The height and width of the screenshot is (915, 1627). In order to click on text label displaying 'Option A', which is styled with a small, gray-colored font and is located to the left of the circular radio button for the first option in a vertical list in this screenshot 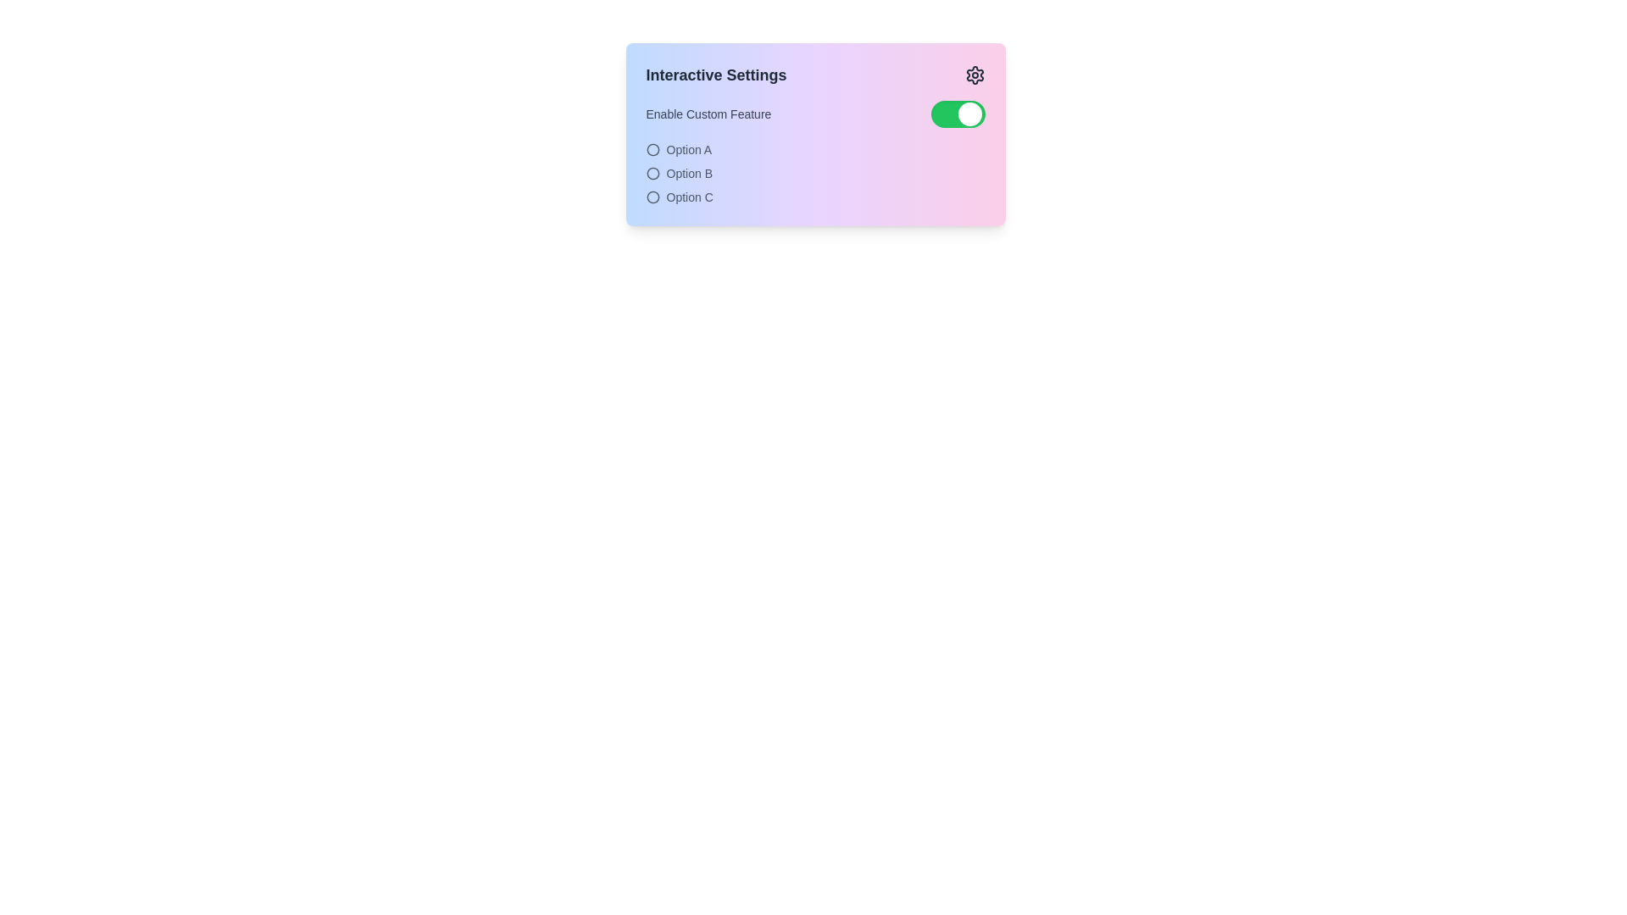, I will do `click(689, 149)`.